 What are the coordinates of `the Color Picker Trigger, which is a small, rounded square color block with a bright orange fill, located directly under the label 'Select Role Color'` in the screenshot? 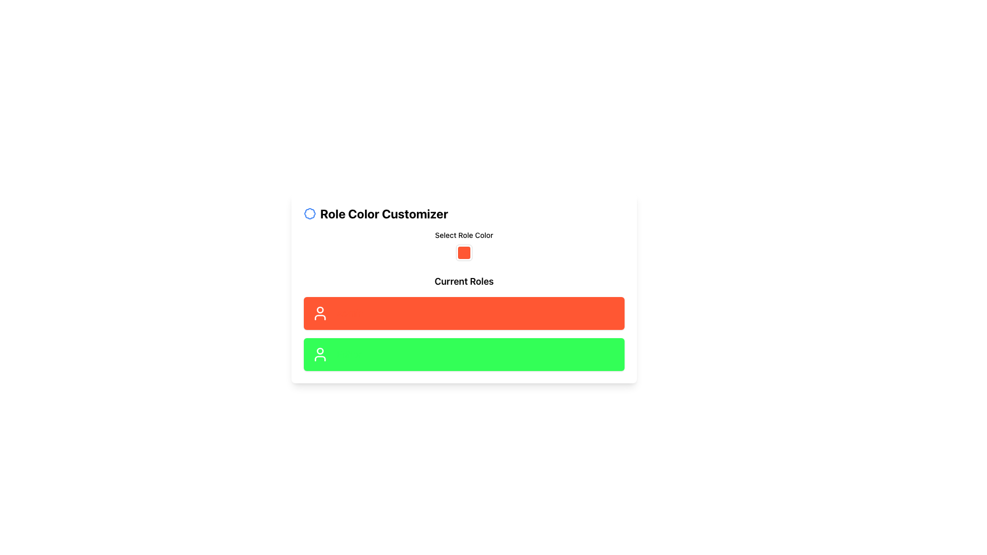 It's located at (463, 253).